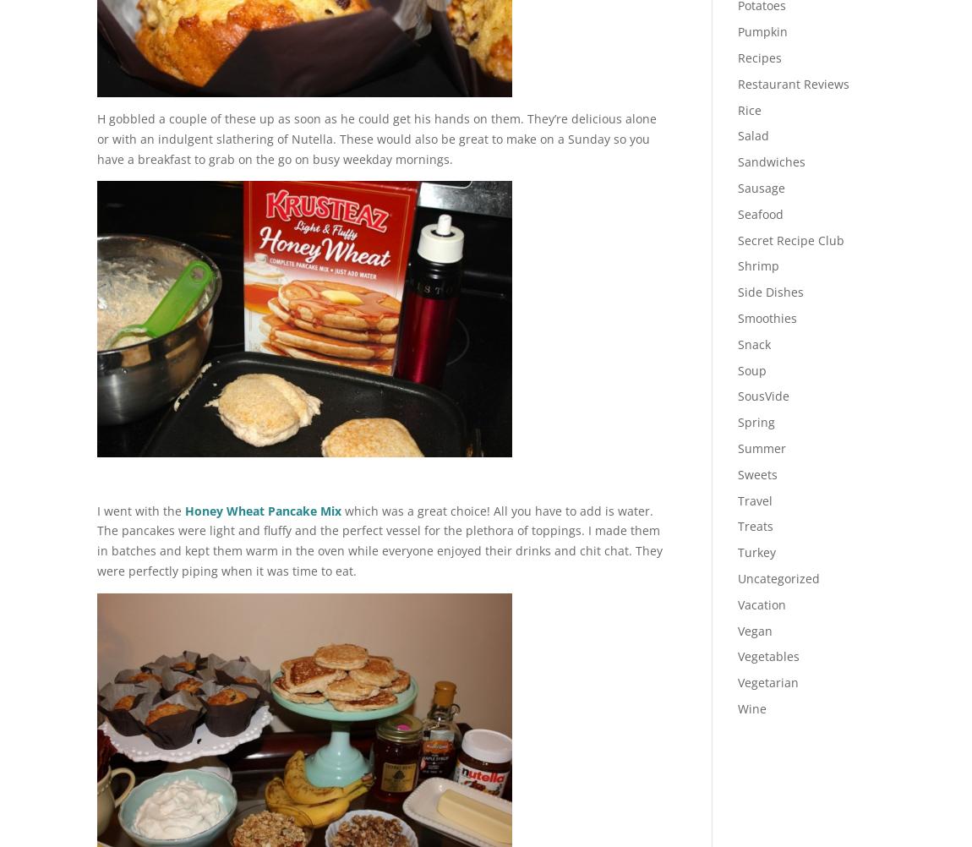  What do you see at coordinates (778, 577) in the screenshot?
I see `'Uncategorized'` at bounding box center [778, 577].